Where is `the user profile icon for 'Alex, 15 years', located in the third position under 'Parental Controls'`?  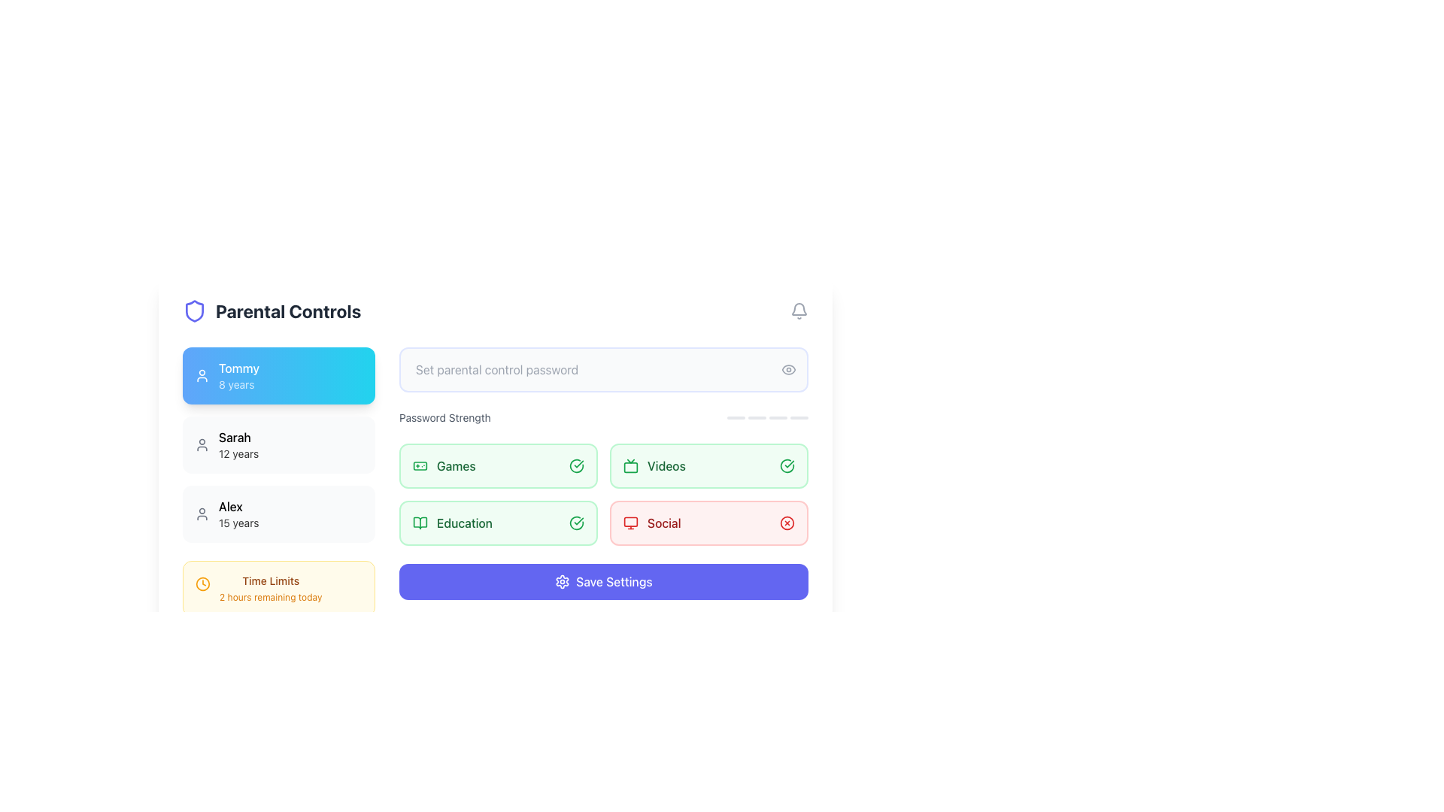 the user profile icon for 'Alex, 15 years', located in the third position under 'Parental Controls' is located at coordinates (201, 513).